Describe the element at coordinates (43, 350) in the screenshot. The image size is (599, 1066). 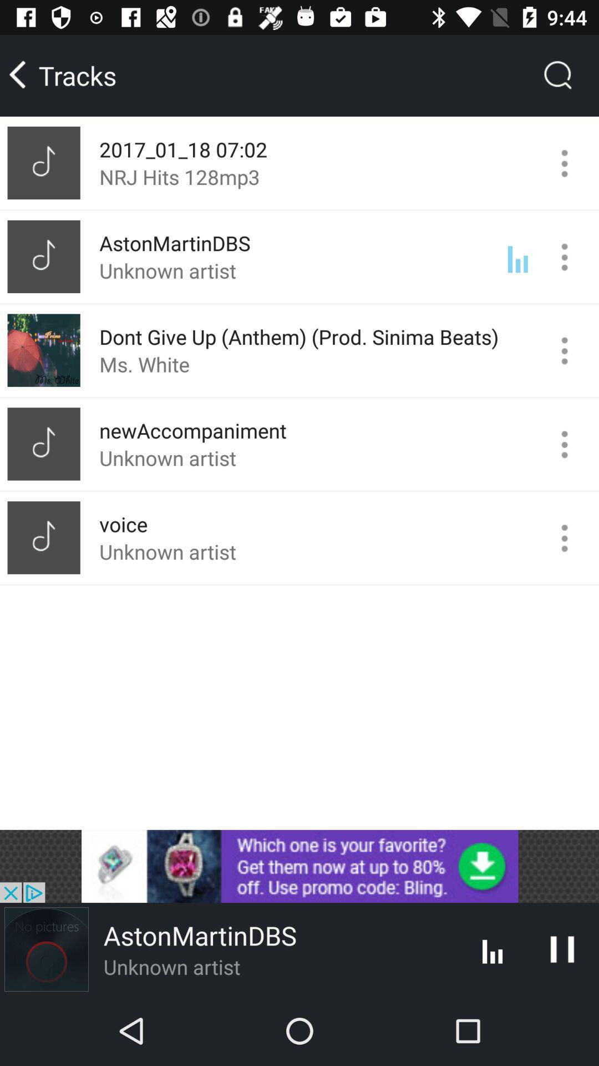
I see `the third image under tracks from top` at that location.